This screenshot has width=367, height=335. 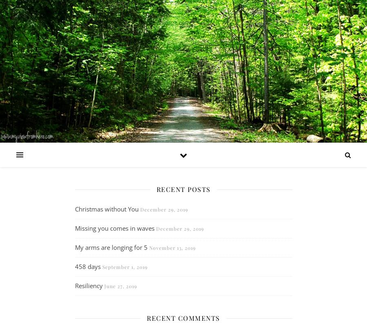 What do you see at coordinates (87, 266) in the screenshot?
I see `'458 days'` at bounding box center [87, 266].